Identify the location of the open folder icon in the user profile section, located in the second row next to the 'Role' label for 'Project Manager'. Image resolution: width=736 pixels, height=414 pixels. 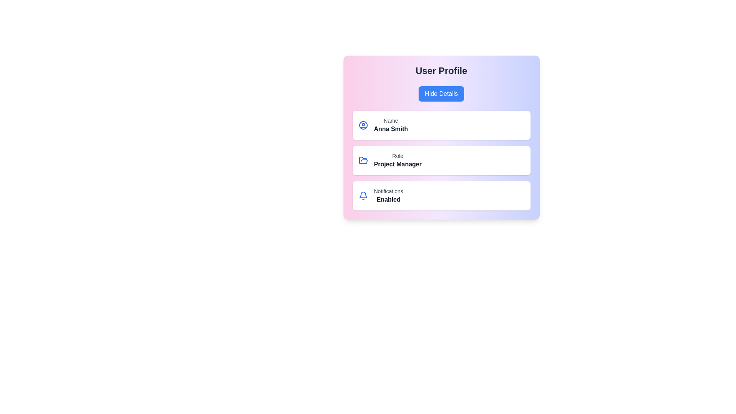
(363, 160).